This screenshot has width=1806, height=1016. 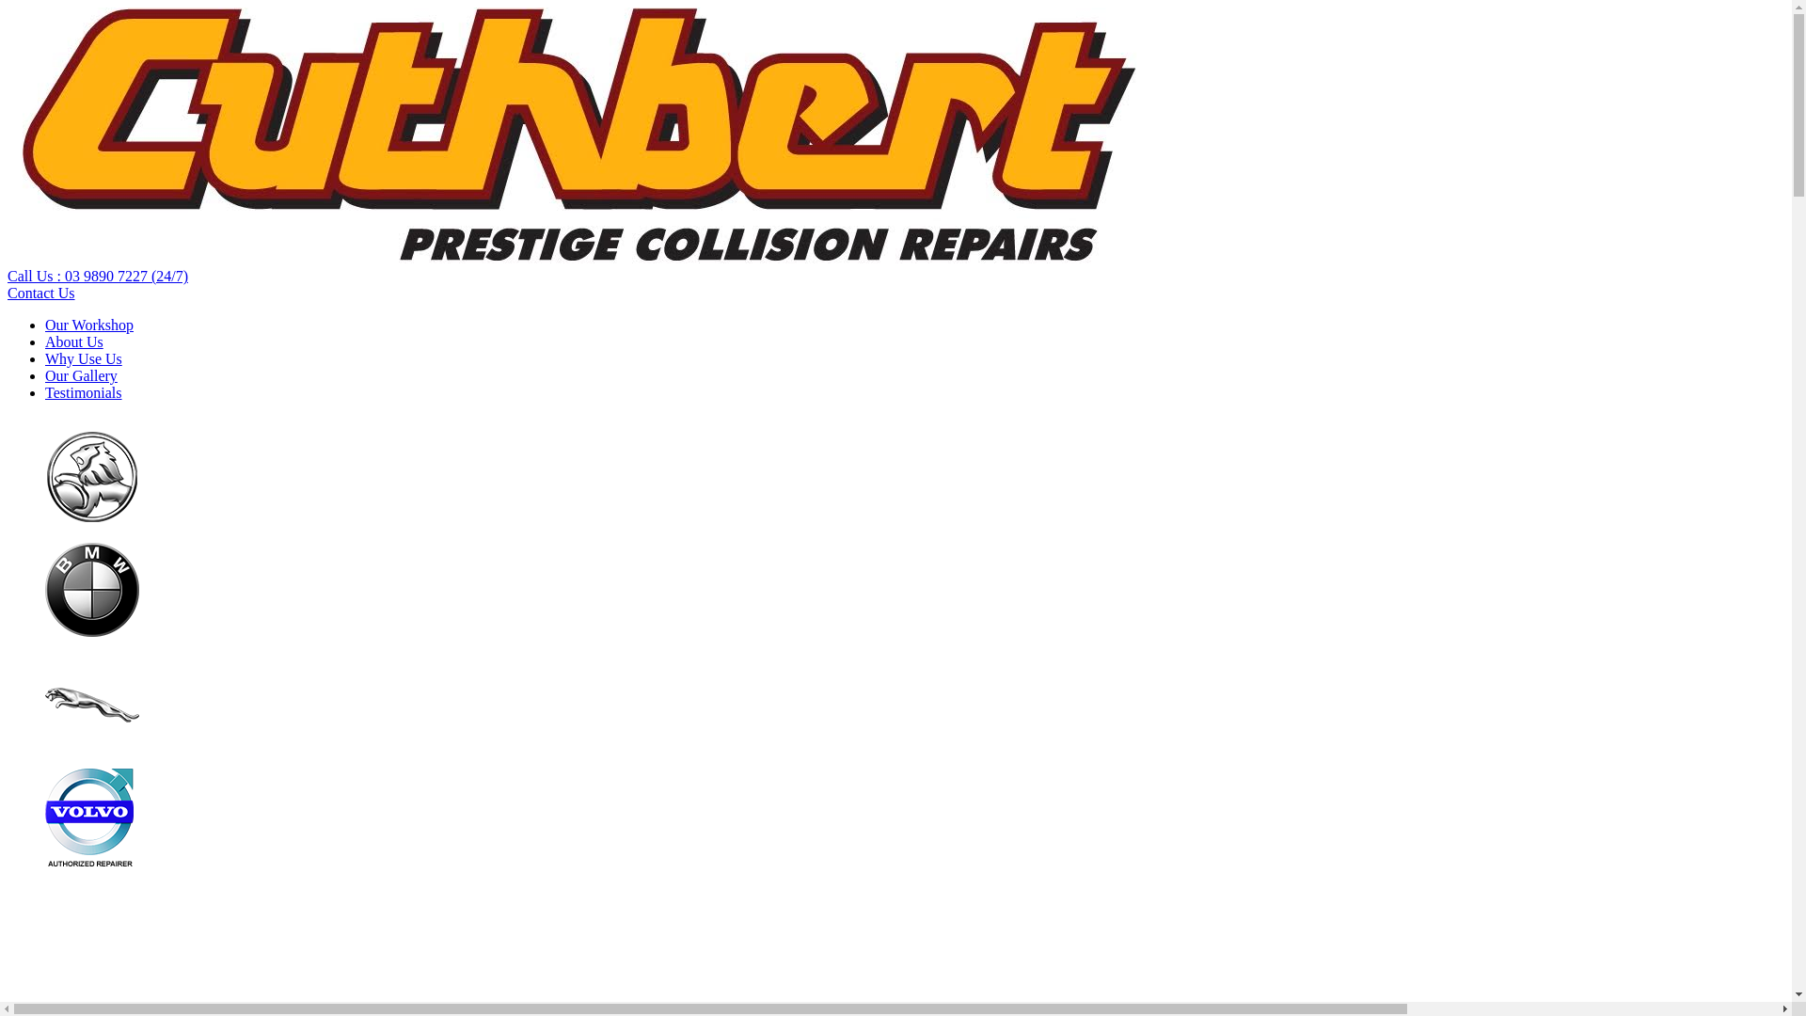 What do you see at coordinates (45, 324) in the screenshot?
I see `'Our Workshop'` at bounding box center [45, 324].